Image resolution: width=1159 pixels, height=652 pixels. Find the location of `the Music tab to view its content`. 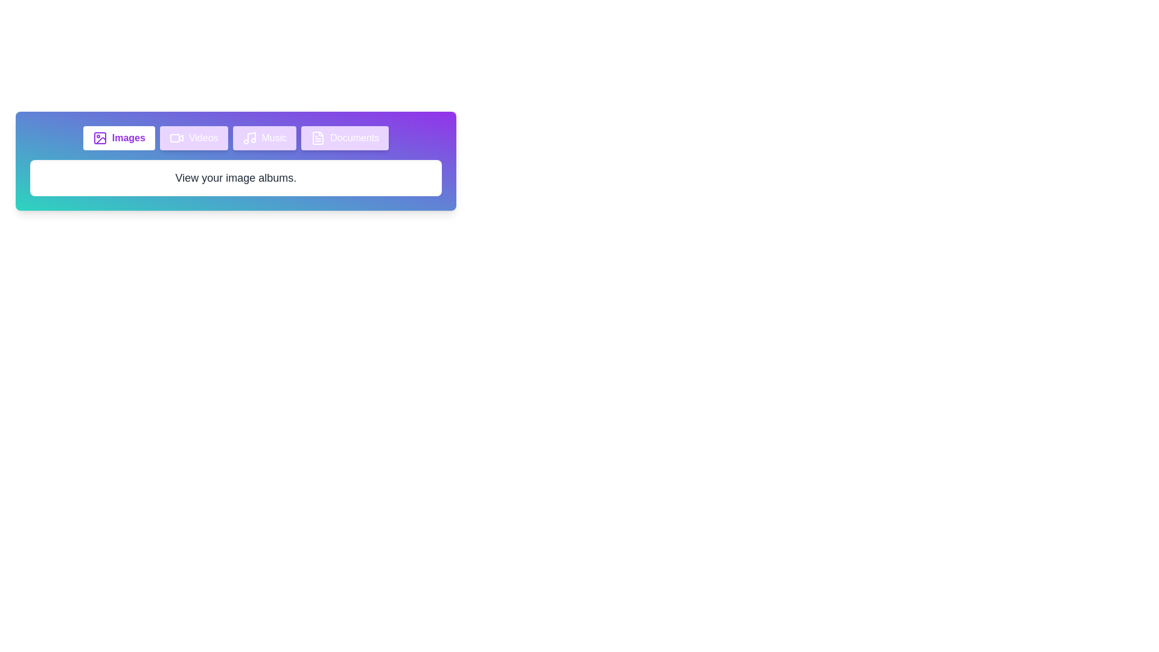

the Music tab to view its content is located at coordinates (263, 137).